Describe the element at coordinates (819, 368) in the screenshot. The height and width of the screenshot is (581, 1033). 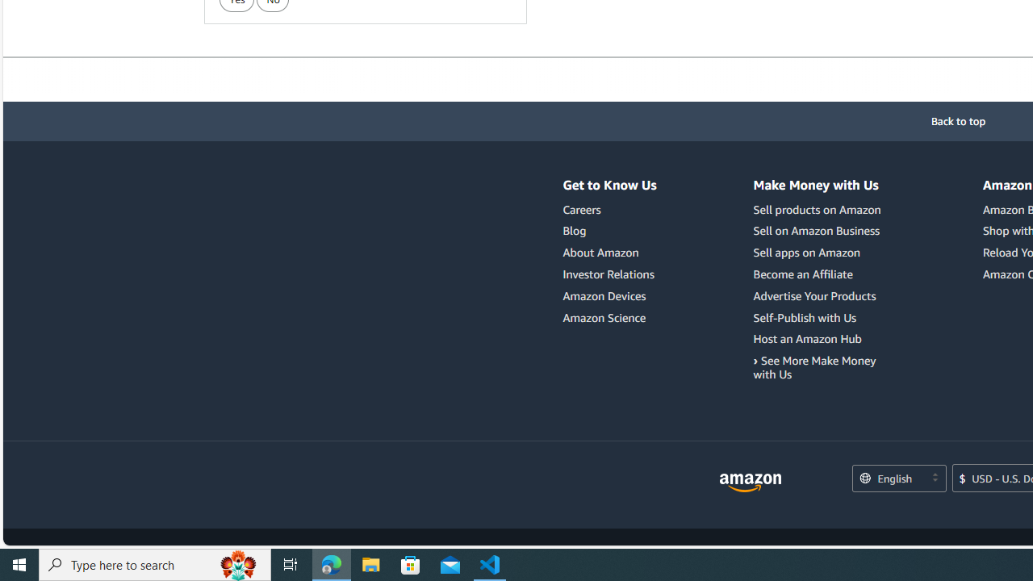
I see `'See More Make Money with Us'` at that location.